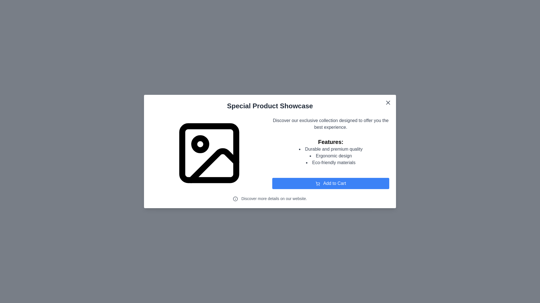  What do you see at coordinates (331, 123) in the screenshot?
I see `the Text Block that provides a descriptive overview of the modal window, located at the top right section of the layout, just above the 'Features:' section` at bounding box center [331, 123].